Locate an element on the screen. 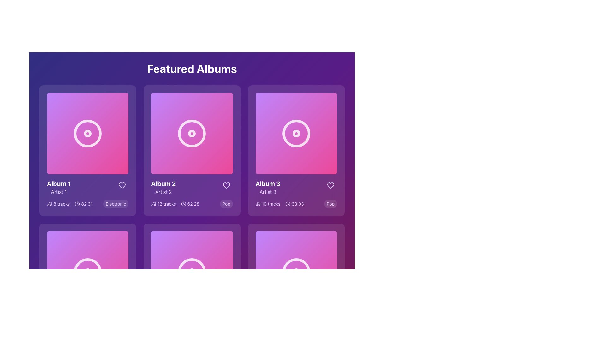 The height and width of the screenshot is (341, 606). the Label with a clock icon displaying '82:31', located in the lower section of the first album card in the second row of the album grid is located at coordinates (83, 204).